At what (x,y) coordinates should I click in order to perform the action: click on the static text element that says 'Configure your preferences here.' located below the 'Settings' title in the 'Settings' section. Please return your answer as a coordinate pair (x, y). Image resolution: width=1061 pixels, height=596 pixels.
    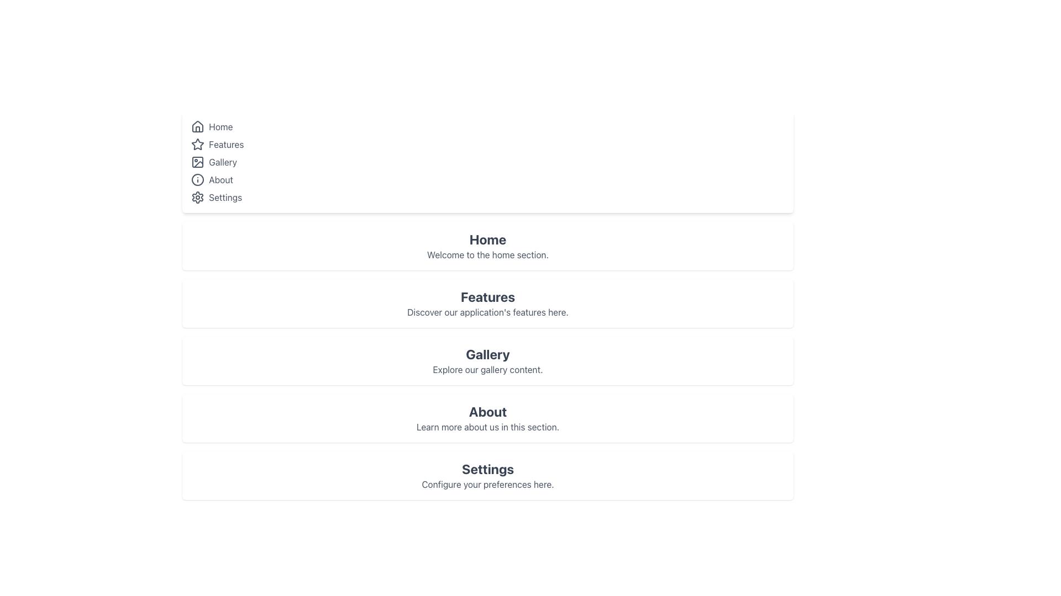
    Looking at the image, I should click on (487, 484).